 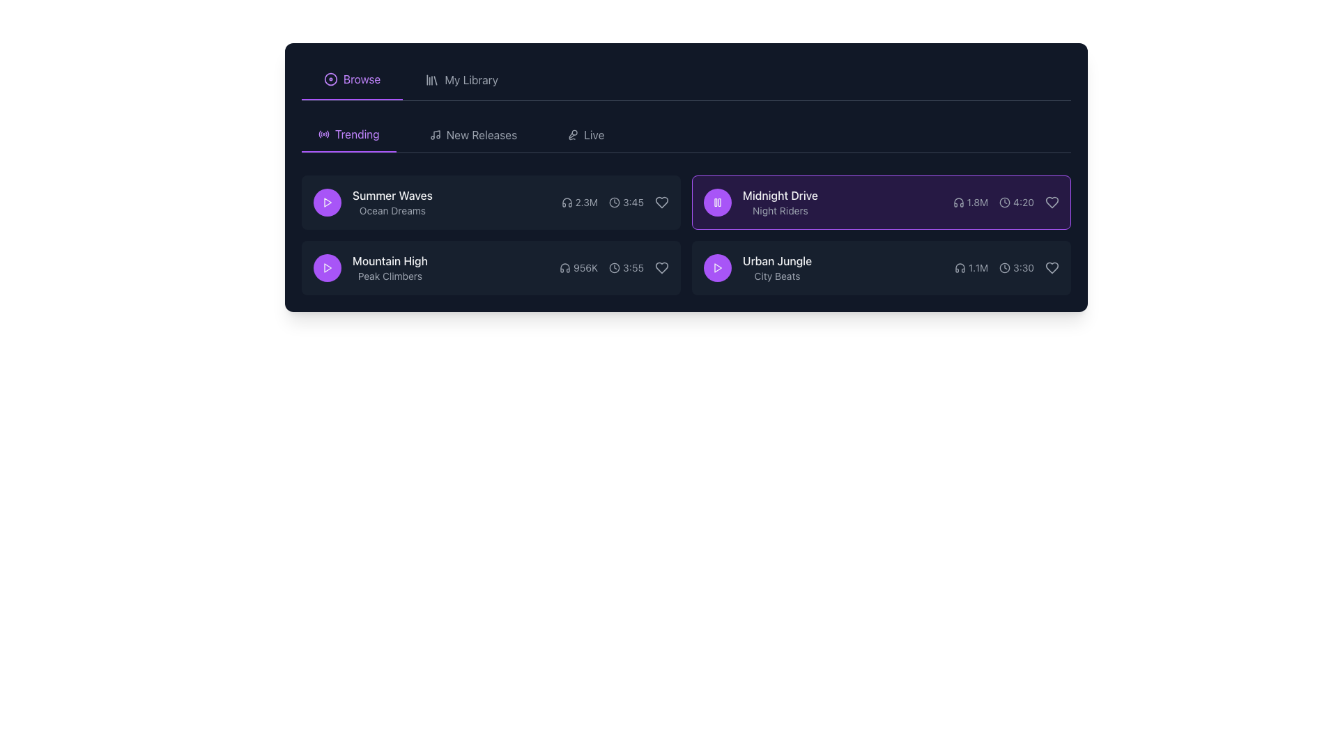 What do you see at coordinates (390, 268) in the screenshot?
I see `text content of the label displaying 'Mountain High' and 'Peak Climbers' located in the second row of the playlist, to the right of the circular purple play button` at bounding box center [390, 268].